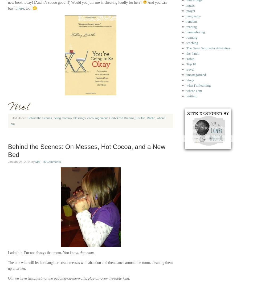  I want to click on 'Behind the Scenes', so click(39, 118).